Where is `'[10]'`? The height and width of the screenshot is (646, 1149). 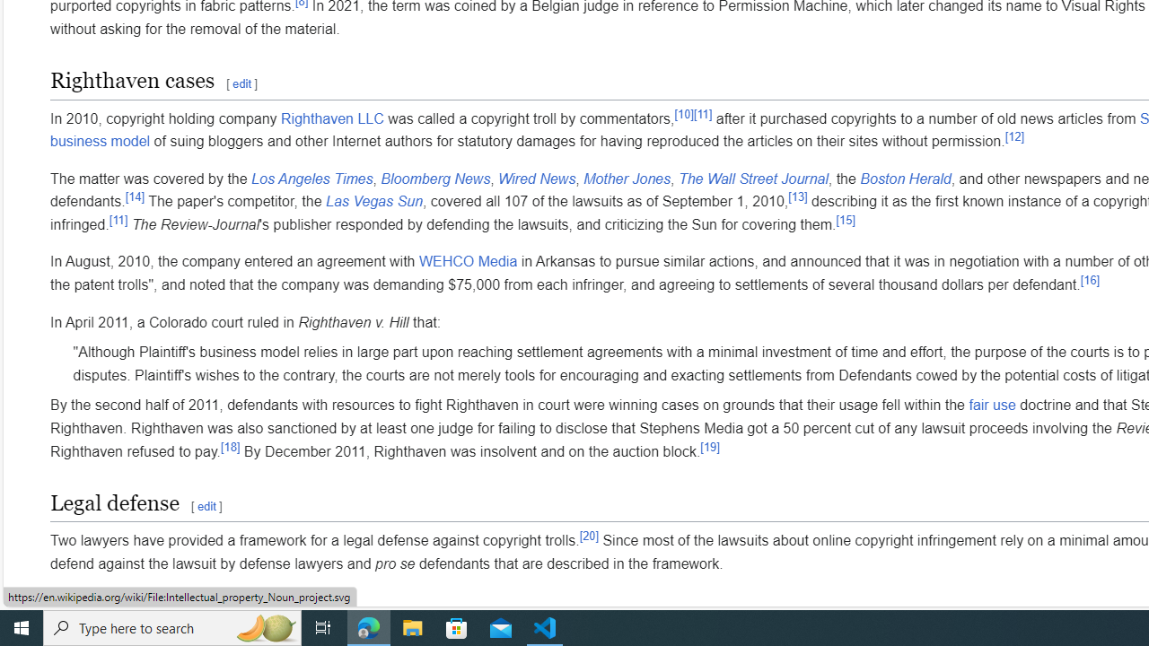
'[10]' is located at coordinates (683, 114).